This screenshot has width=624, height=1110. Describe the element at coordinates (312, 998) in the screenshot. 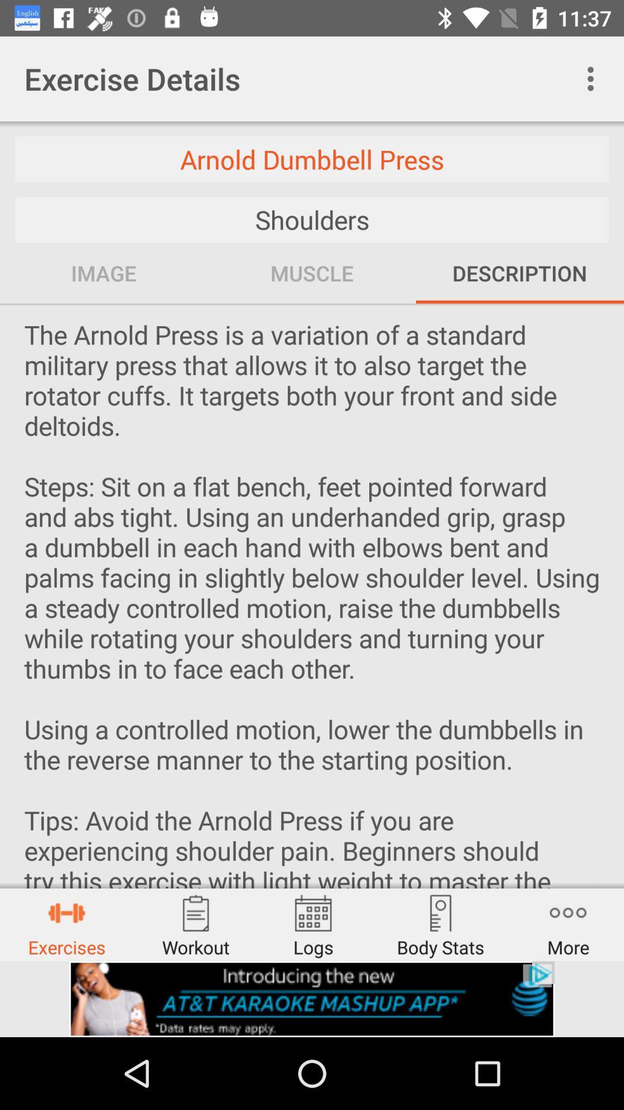

I see `advertisement` at that location.